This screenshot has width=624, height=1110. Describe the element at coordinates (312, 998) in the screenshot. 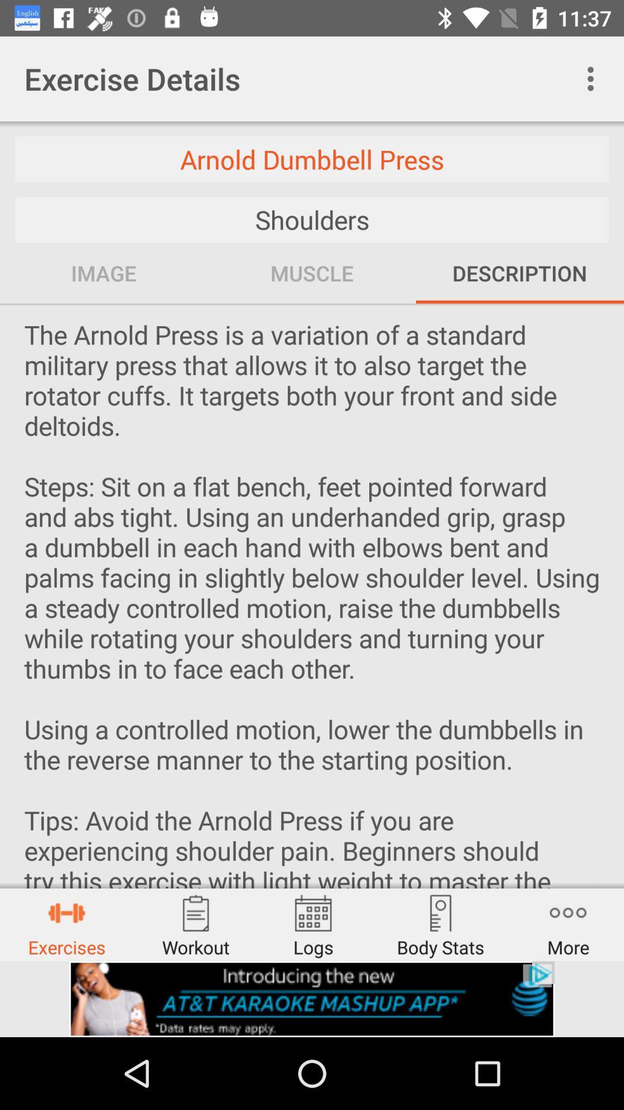

I see `advertisement` at that location.